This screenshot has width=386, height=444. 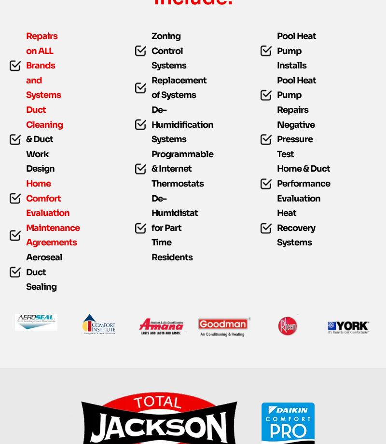 What do you see at coordinates (40, 174) in the screenshot?
I see `'& Duct Work Design'` at bounding box center [40, 174].